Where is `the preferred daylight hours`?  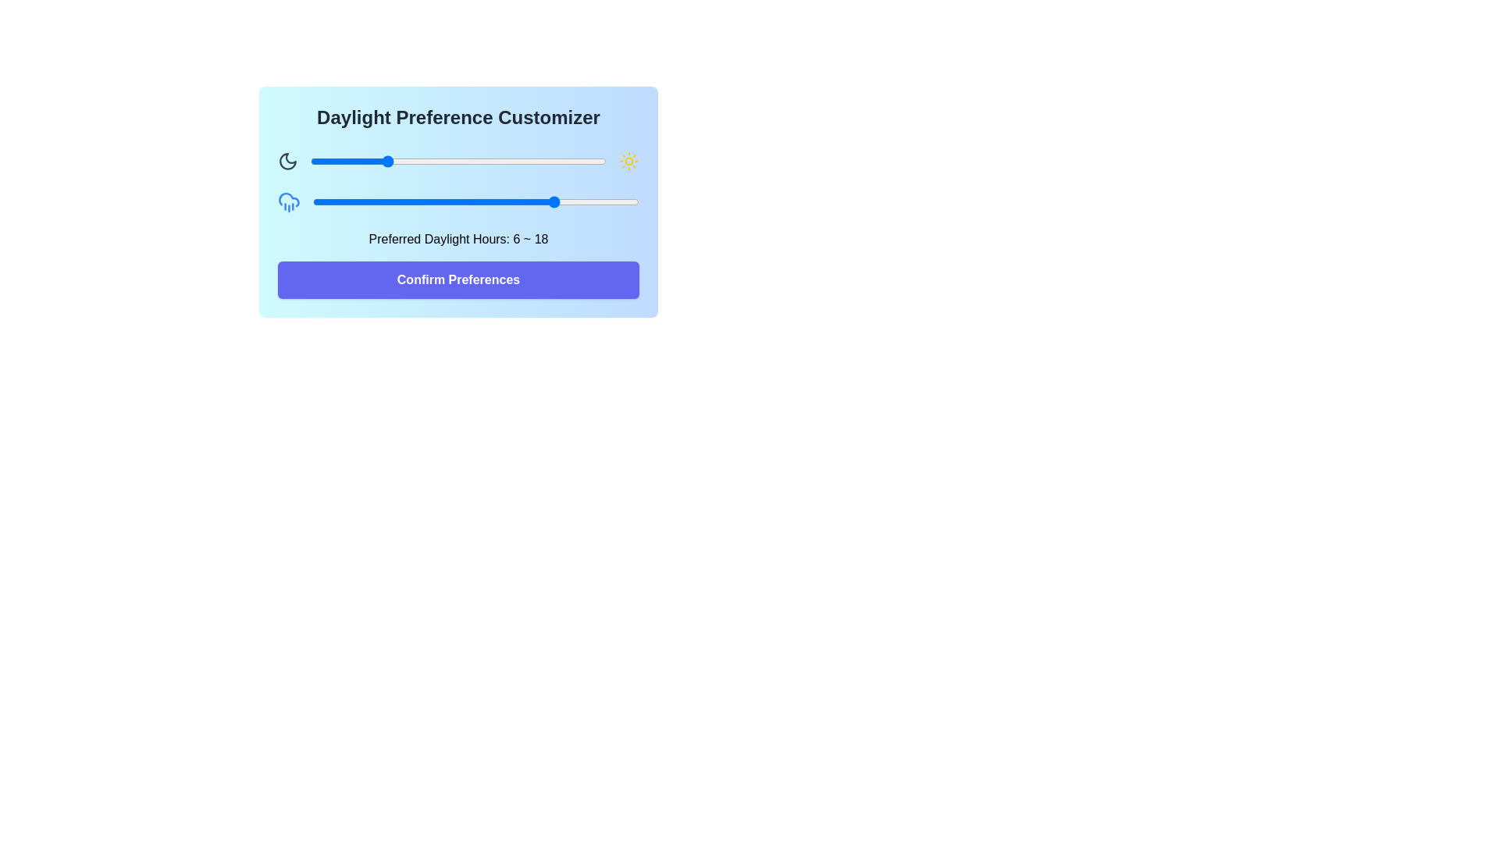 the preferred daylight hours is located at coordinates (326, 201).